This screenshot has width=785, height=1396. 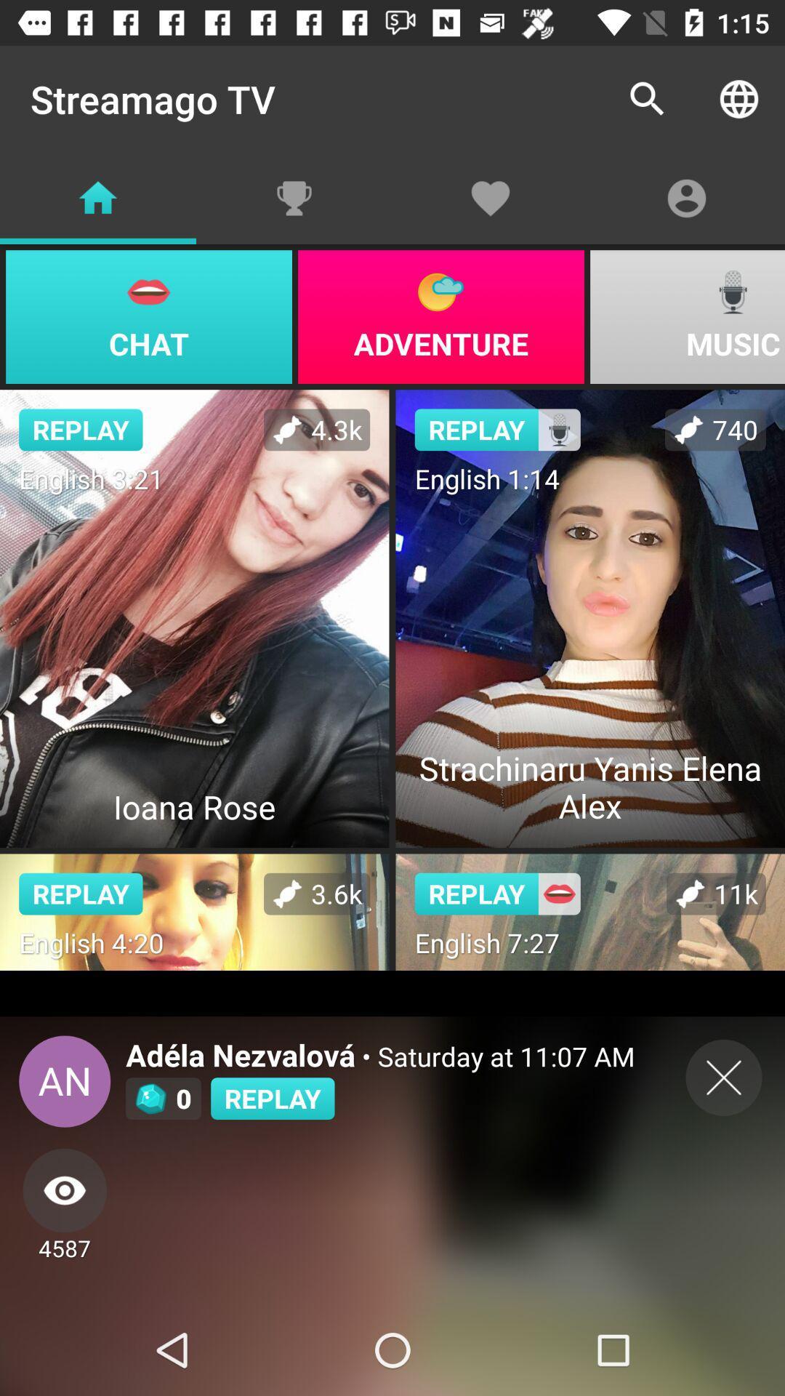 What do you see at coordinates (723, 106) in the screenshot?
I see `the globe icon` at bounding box center [723, 106].